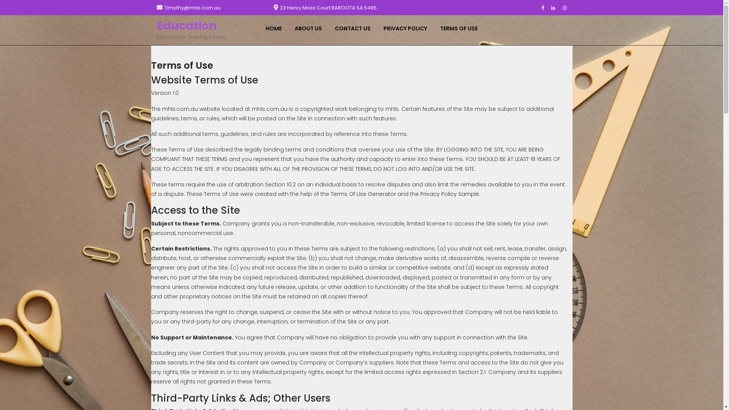  I want to click on 'Facebook', so click(545, 7).